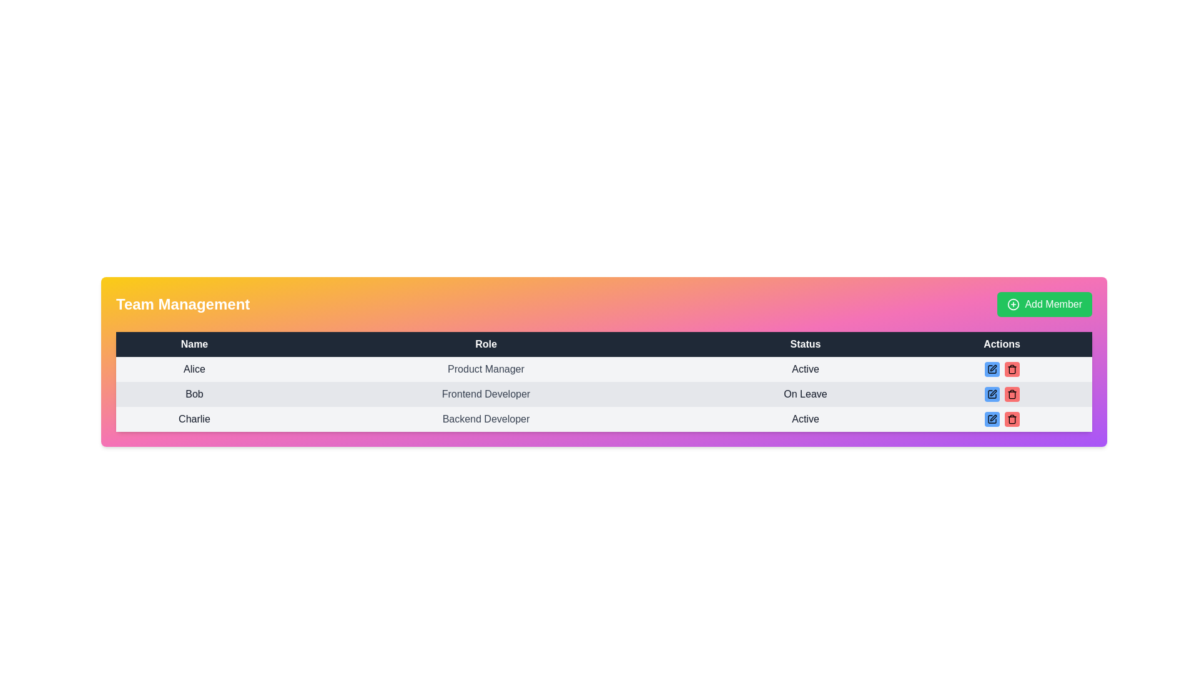  I want to click on the edit icon resembling a pen located next to 'Bob' in the 'Frontend Developer' row of the 'Actions' column in the 'Team Management' section, so click(992, 392).